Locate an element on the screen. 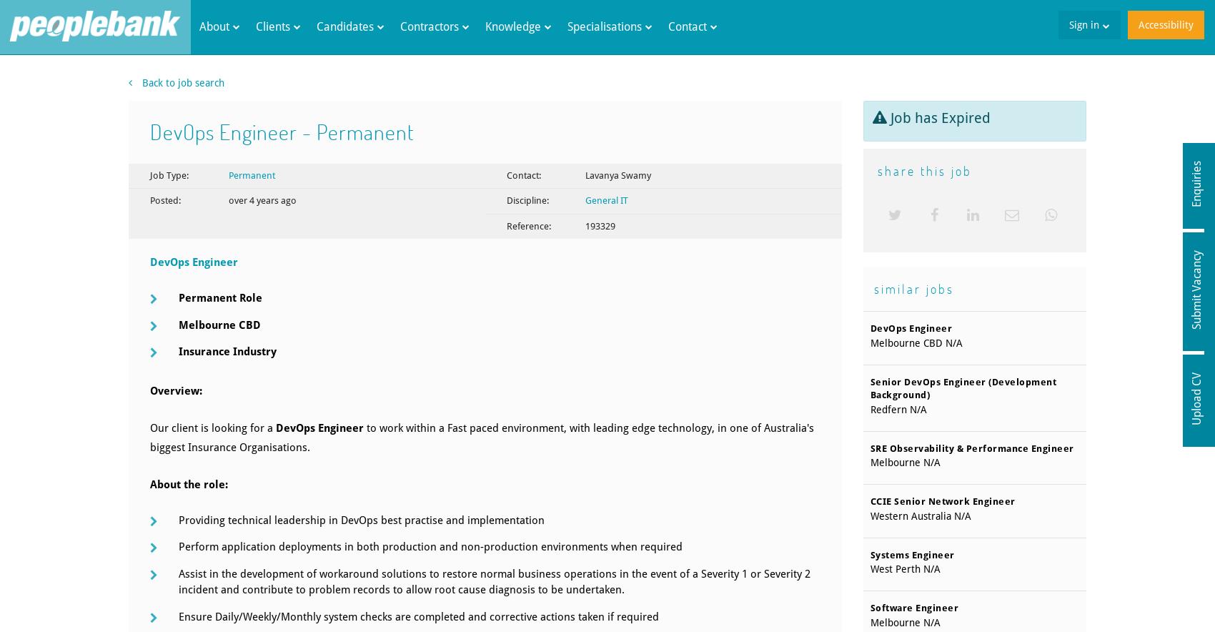  'Permanent Role' is located at coordinates (179, 297).